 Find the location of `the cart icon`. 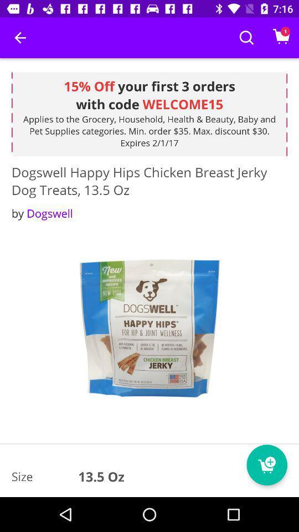

the cart icon is located at coordinates (266, 465).